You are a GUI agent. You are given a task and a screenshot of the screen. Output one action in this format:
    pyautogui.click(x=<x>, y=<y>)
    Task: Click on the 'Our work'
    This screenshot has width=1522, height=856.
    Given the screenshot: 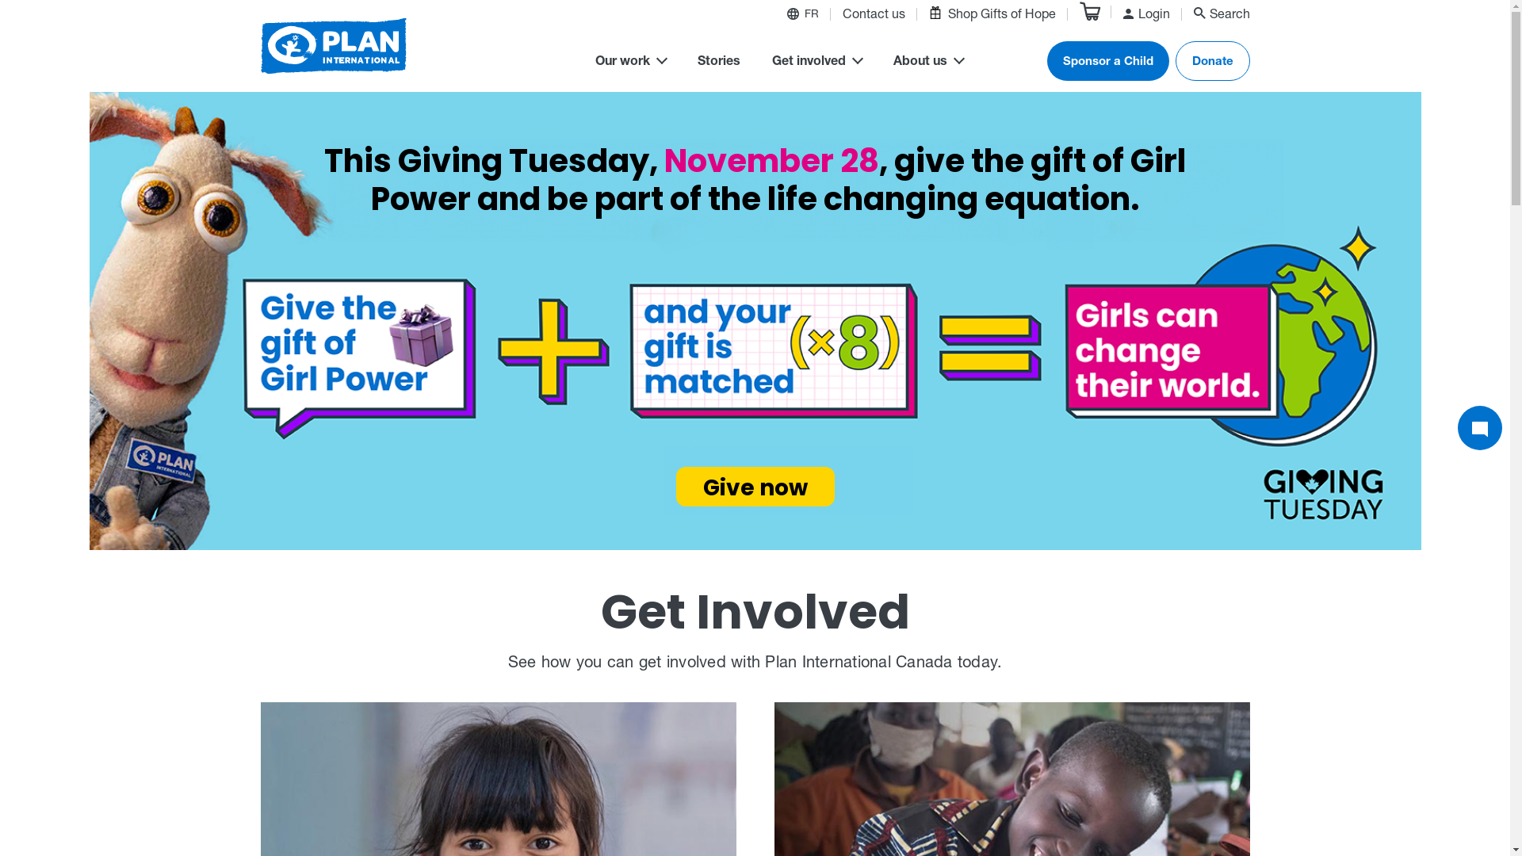 What is the action you would take?
    pyautogui.click(x=629, y=63)
    